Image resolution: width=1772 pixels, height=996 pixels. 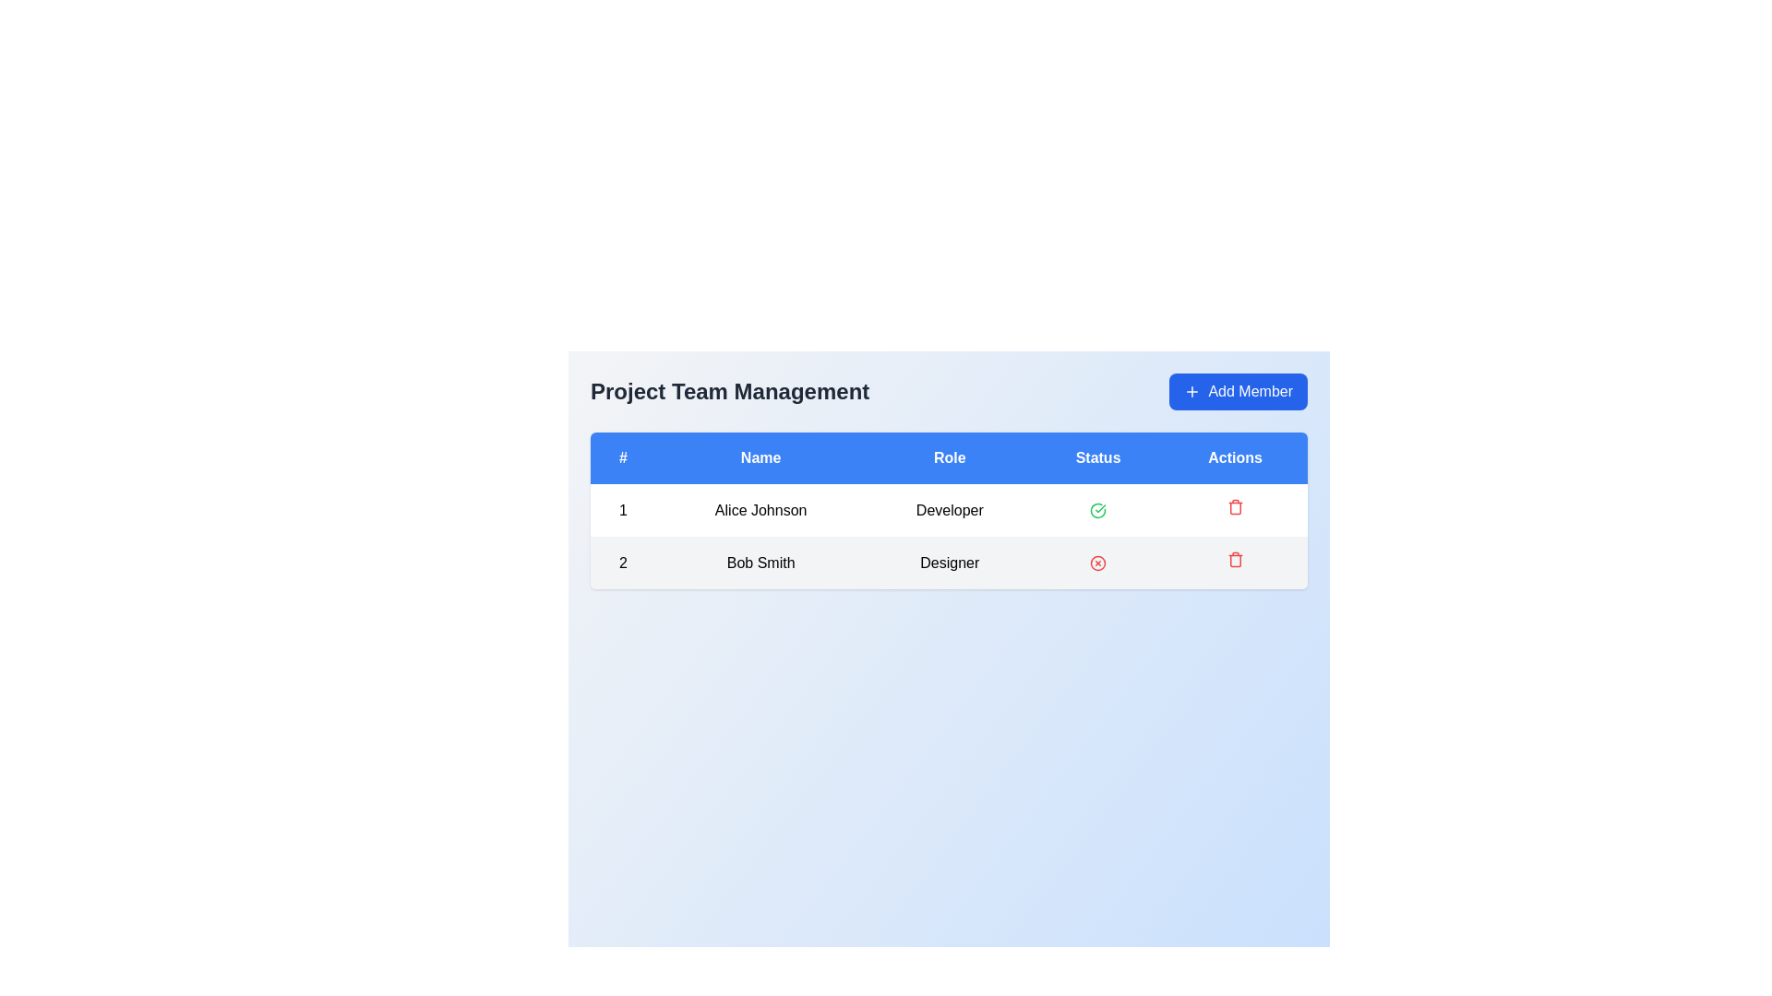 I want to click on the 'Name' column header text label, which is the second item in the horizontal list of the header row, so click(x=760, y=457).